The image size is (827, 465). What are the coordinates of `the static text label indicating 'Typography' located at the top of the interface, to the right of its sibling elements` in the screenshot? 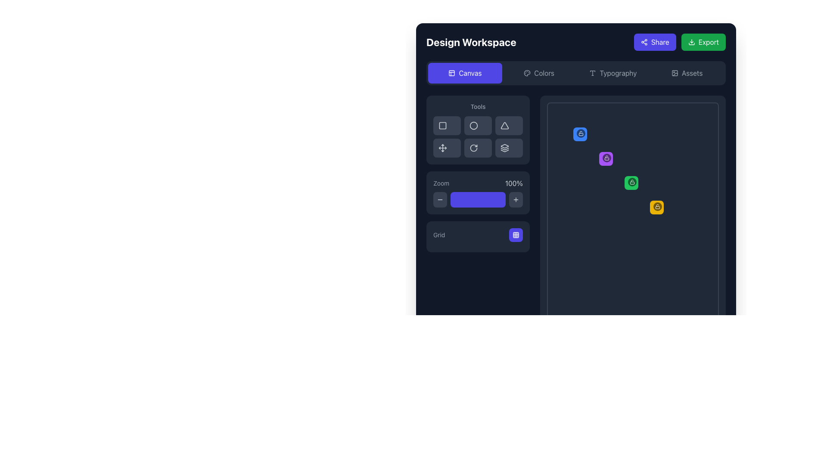 It's located at (618, 72).